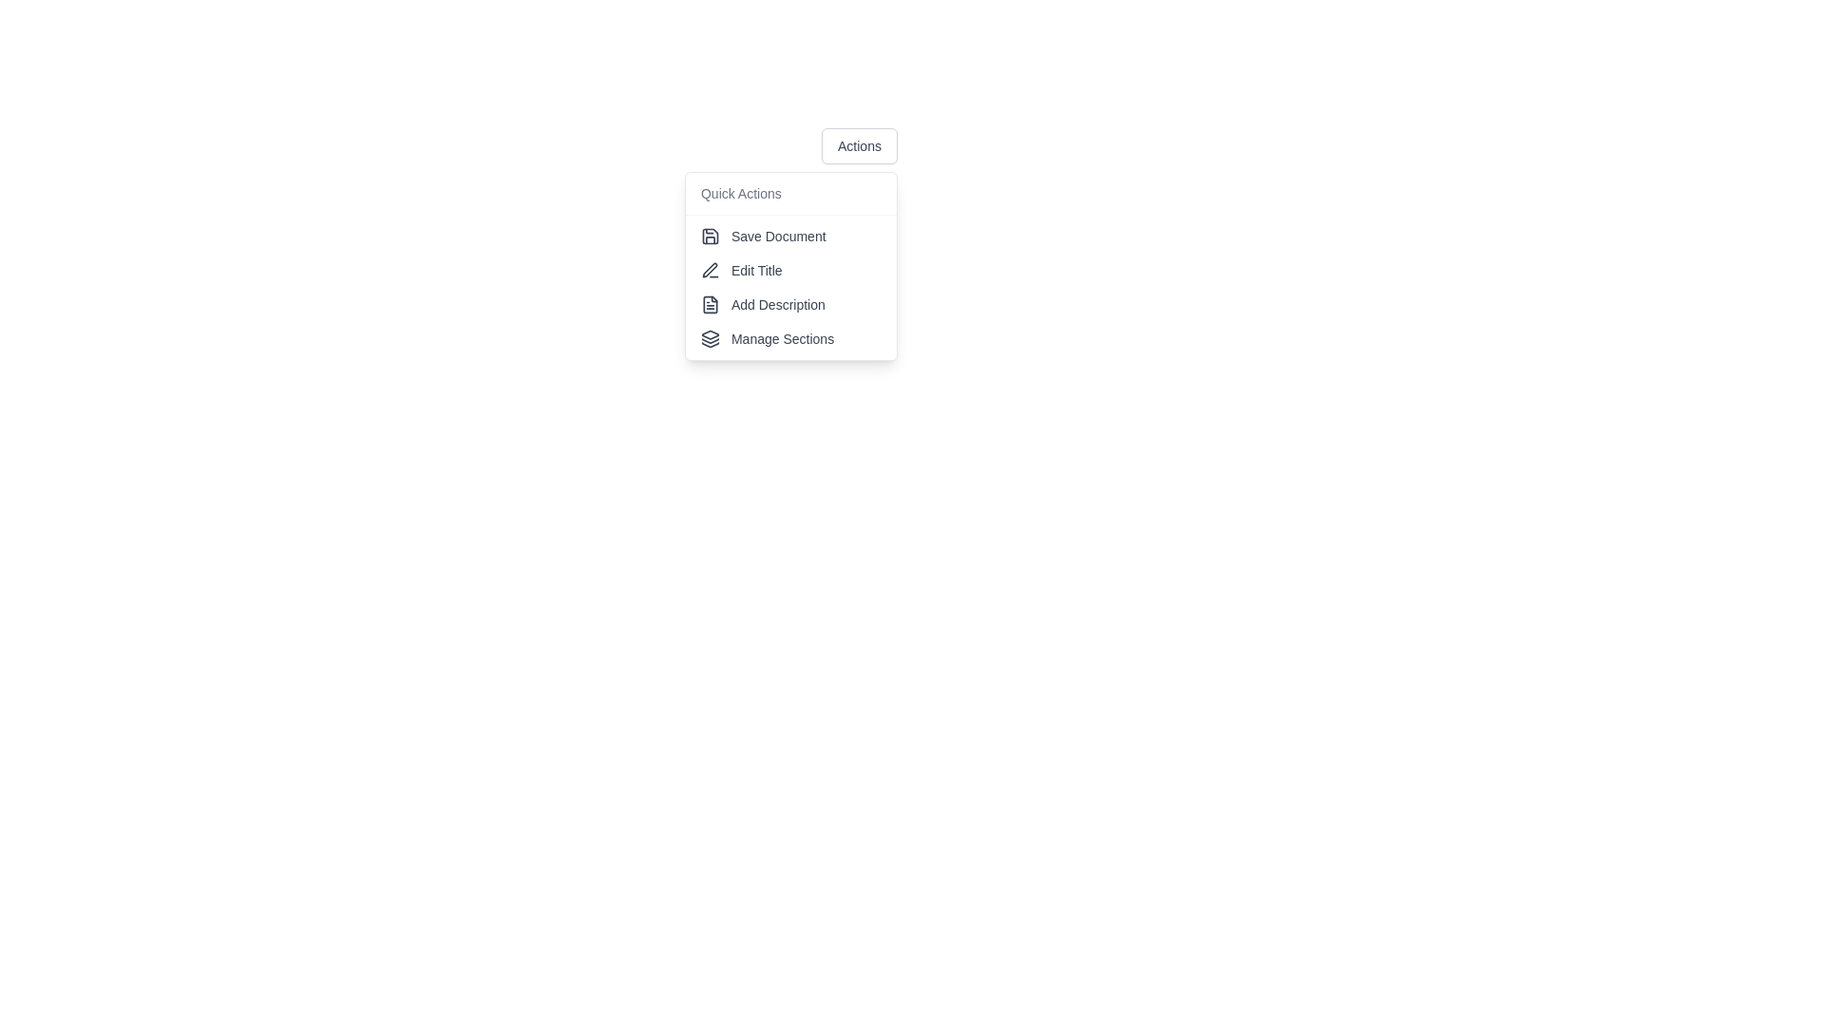 The image size is (1824, 1026). I want to click on the 'Manage Sections' button located as the fourth item in the 'Quick Actions' dropdown menu, so click(790, 338).